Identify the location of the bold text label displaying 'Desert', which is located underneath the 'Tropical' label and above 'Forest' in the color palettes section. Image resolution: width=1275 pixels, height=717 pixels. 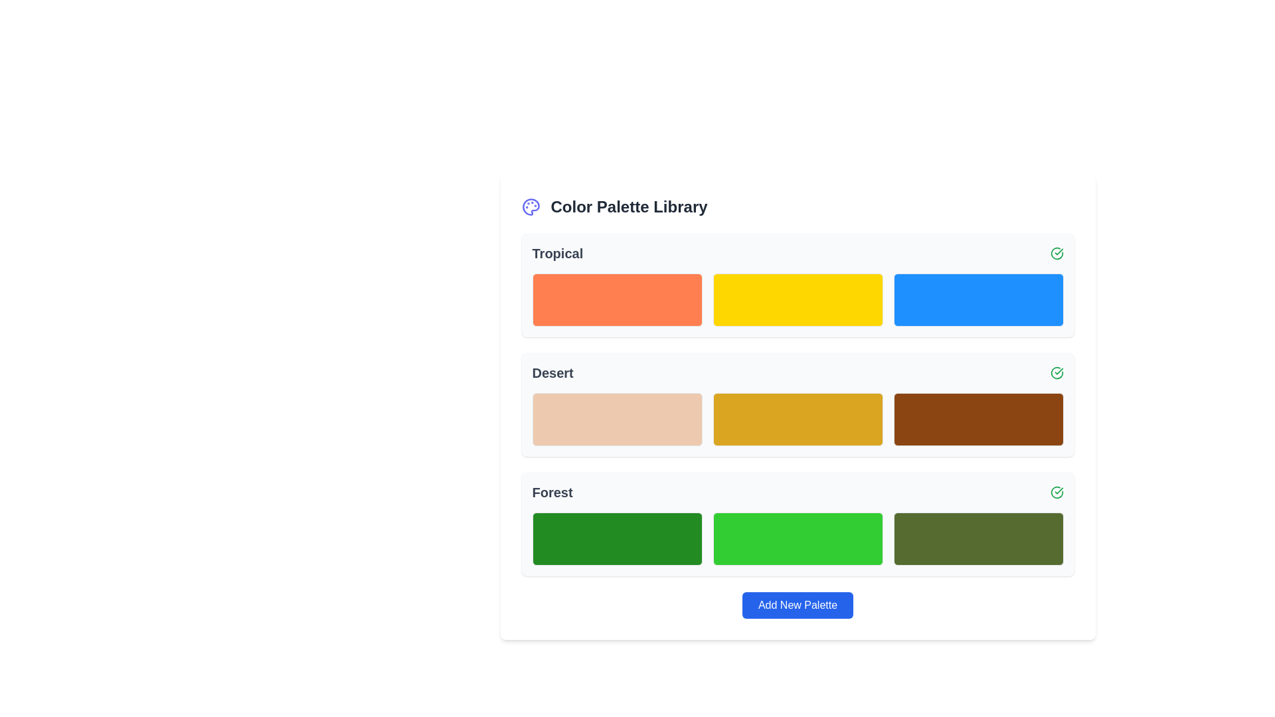
(552, 373).